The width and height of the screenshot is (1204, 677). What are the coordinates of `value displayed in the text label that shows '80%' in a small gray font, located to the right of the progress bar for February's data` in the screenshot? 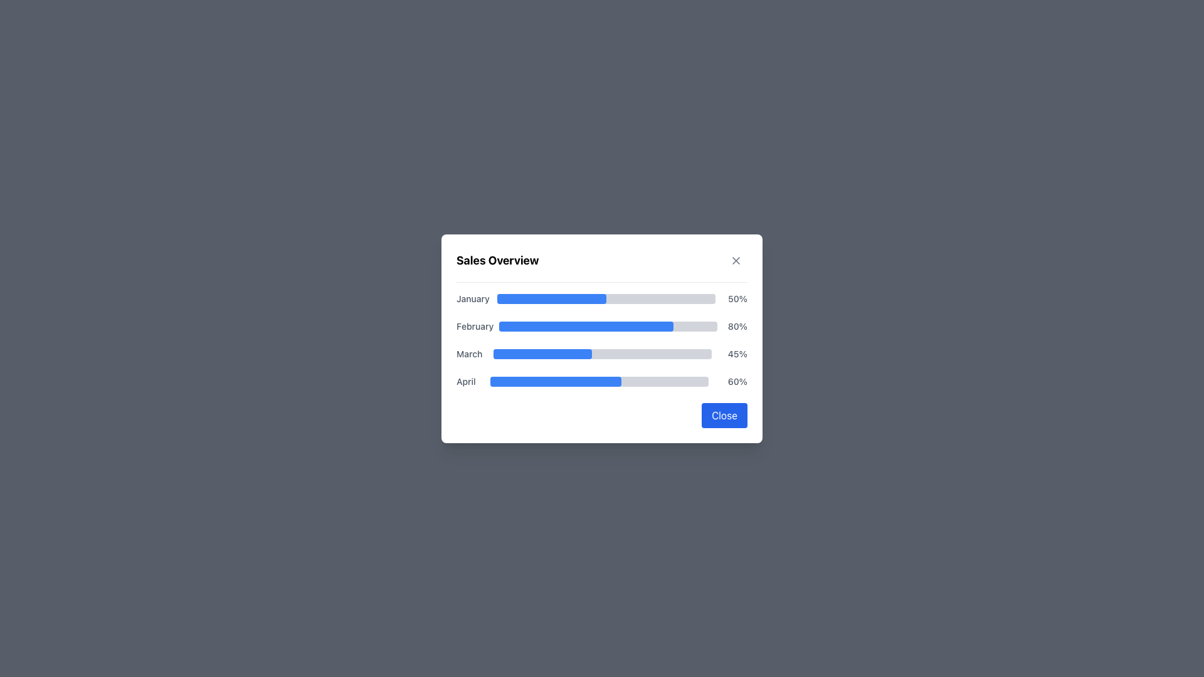 It's located at (735, 325).